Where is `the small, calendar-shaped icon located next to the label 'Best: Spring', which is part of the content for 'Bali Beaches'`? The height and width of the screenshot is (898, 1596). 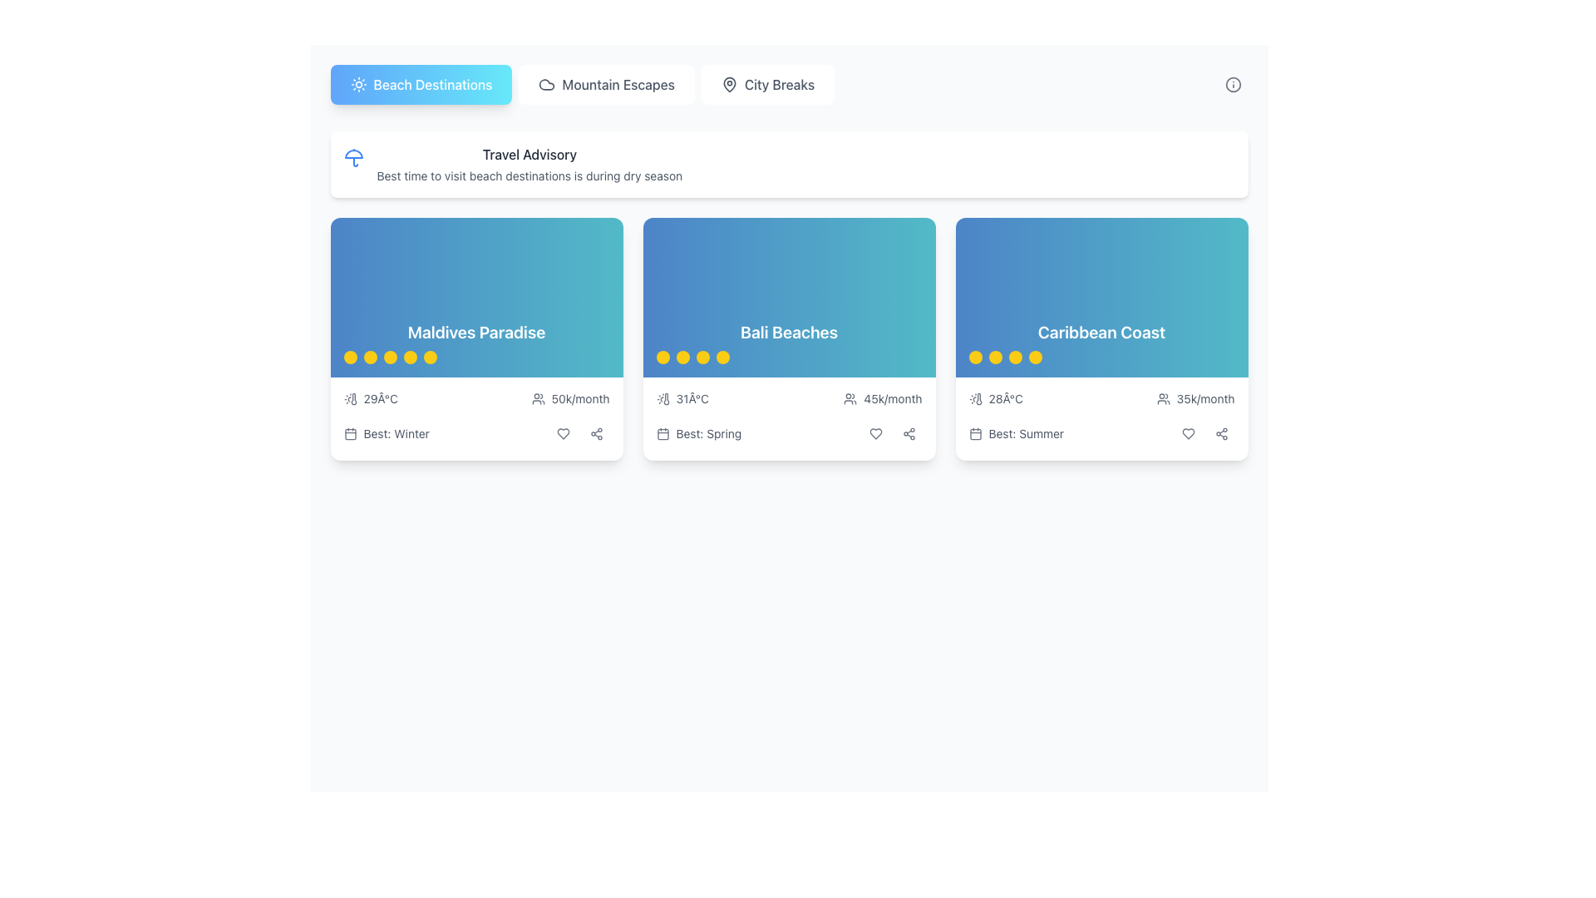 the small, calendar-shaped icon located next to the label 'Best: Spring', which is part of the content for 'Bali Beaches' is located at coordinates (662, 432).